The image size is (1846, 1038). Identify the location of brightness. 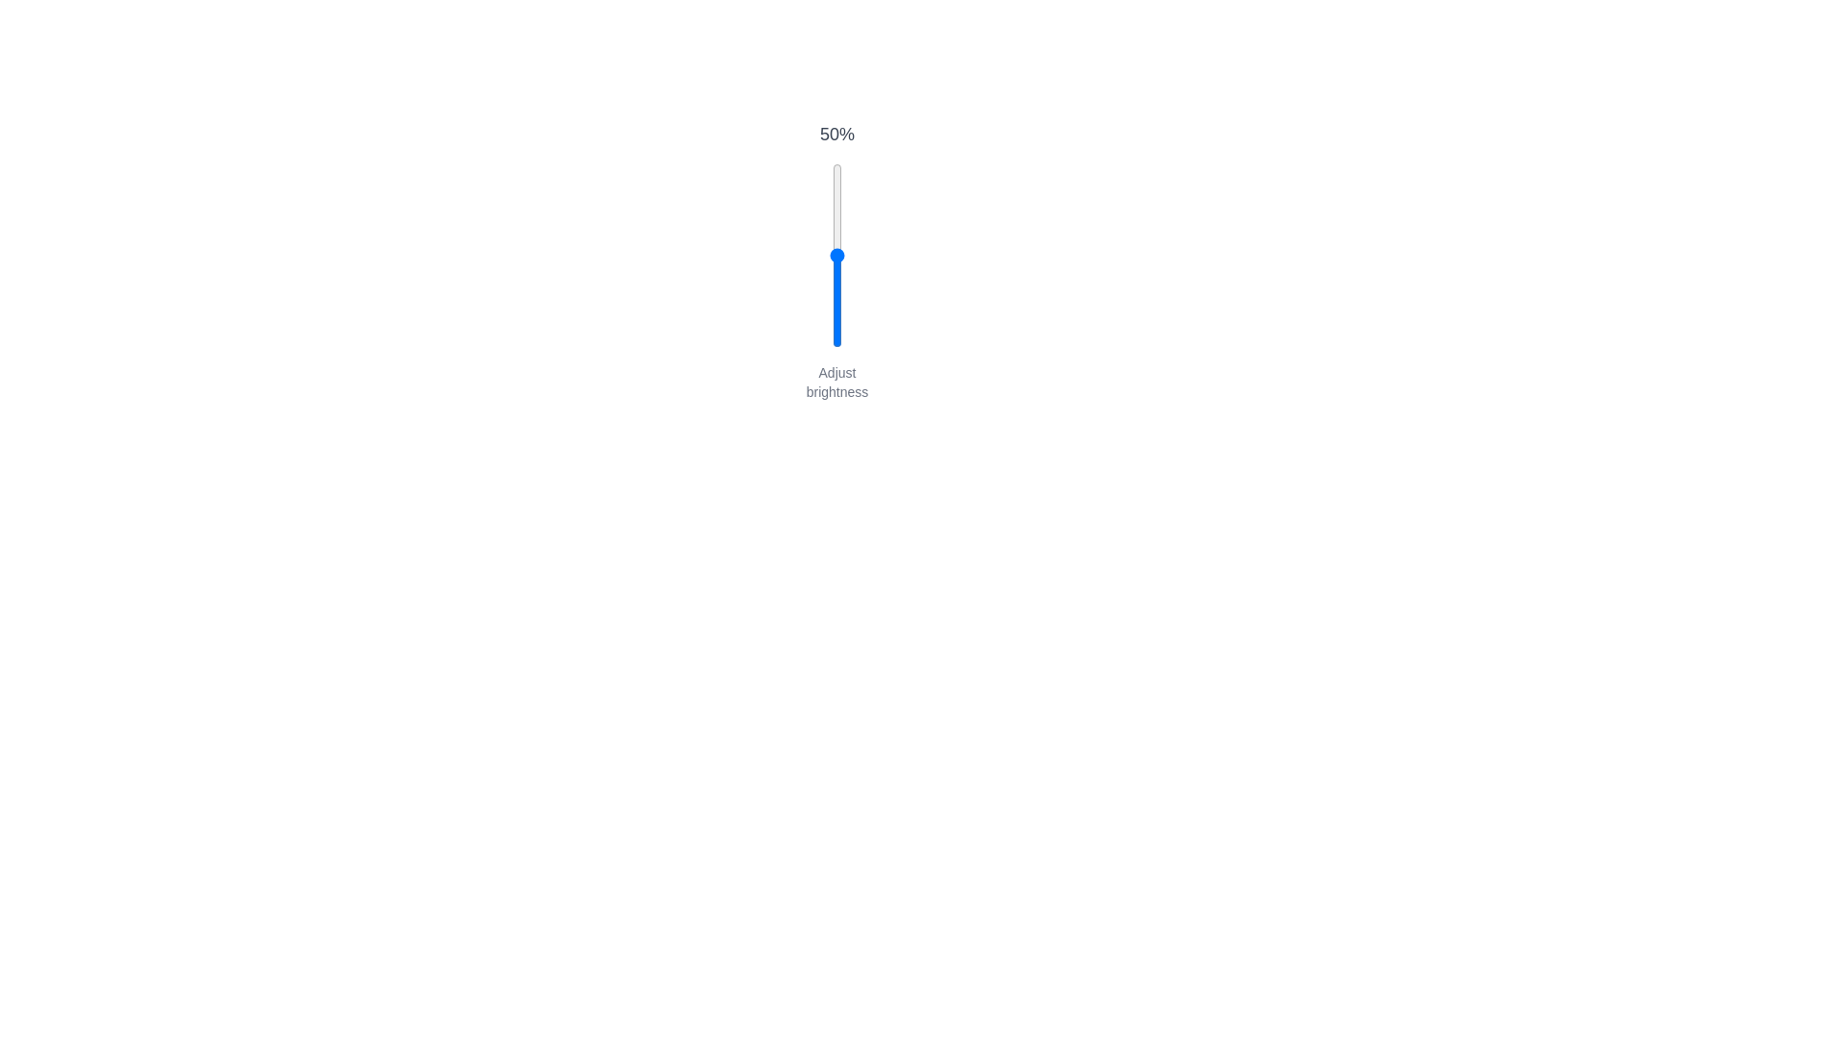
(836, 208).